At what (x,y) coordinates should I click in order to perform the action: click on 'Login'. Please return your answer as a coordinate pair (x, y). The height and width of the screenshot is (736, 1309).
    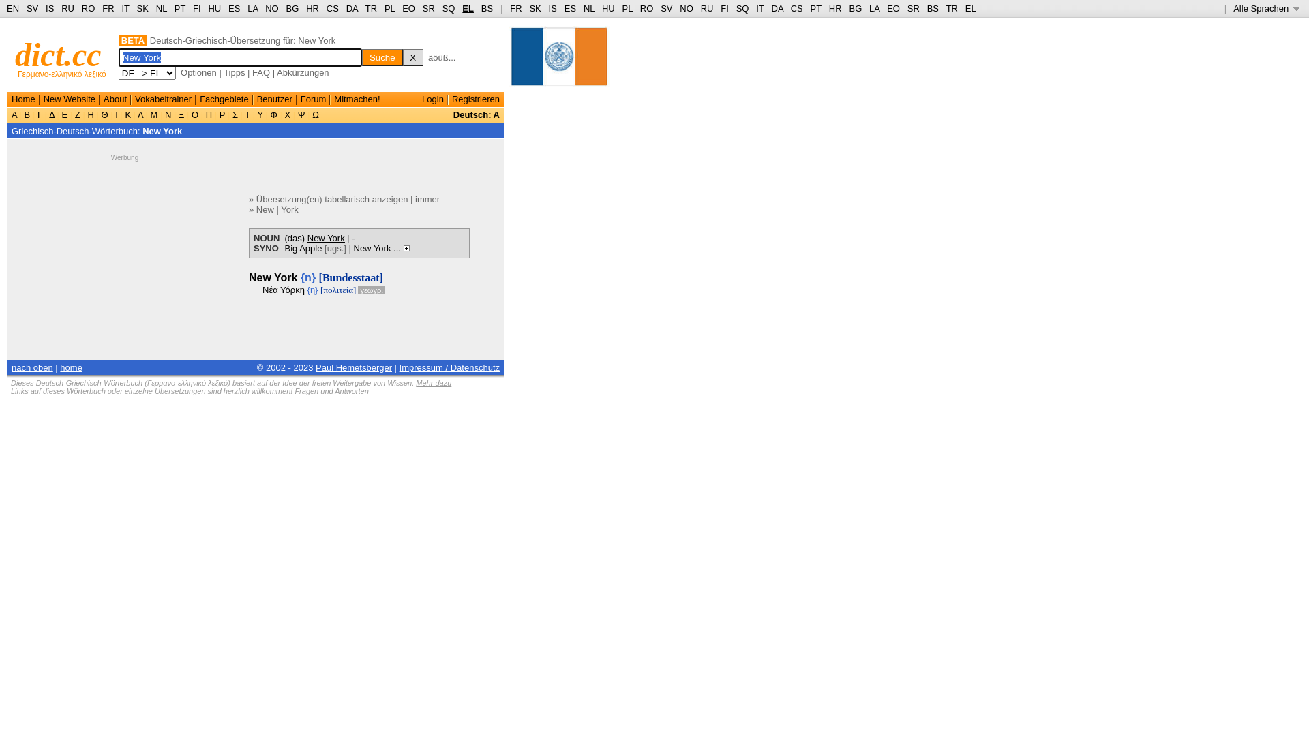
    Looking at the image, I should click on (421, 98).